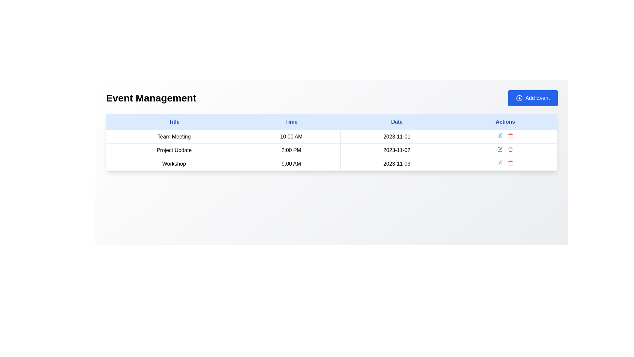 This screenshot has width=634, height=357. I want to click on the header label of the first column of the table, which identifies the titles of listed items, positioned before the 'Time', 'Date', and 'Actions' headers, so click(174, 122).